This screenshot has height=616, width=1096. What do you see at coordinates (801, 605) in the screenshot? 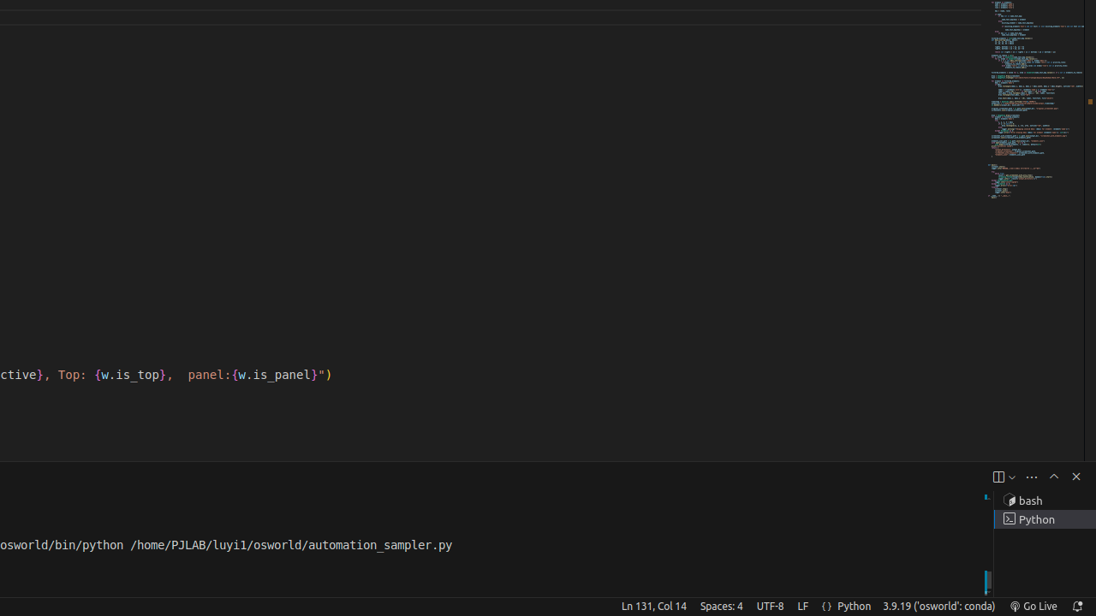
I see `'LF'` at bounding box center [801, 605].